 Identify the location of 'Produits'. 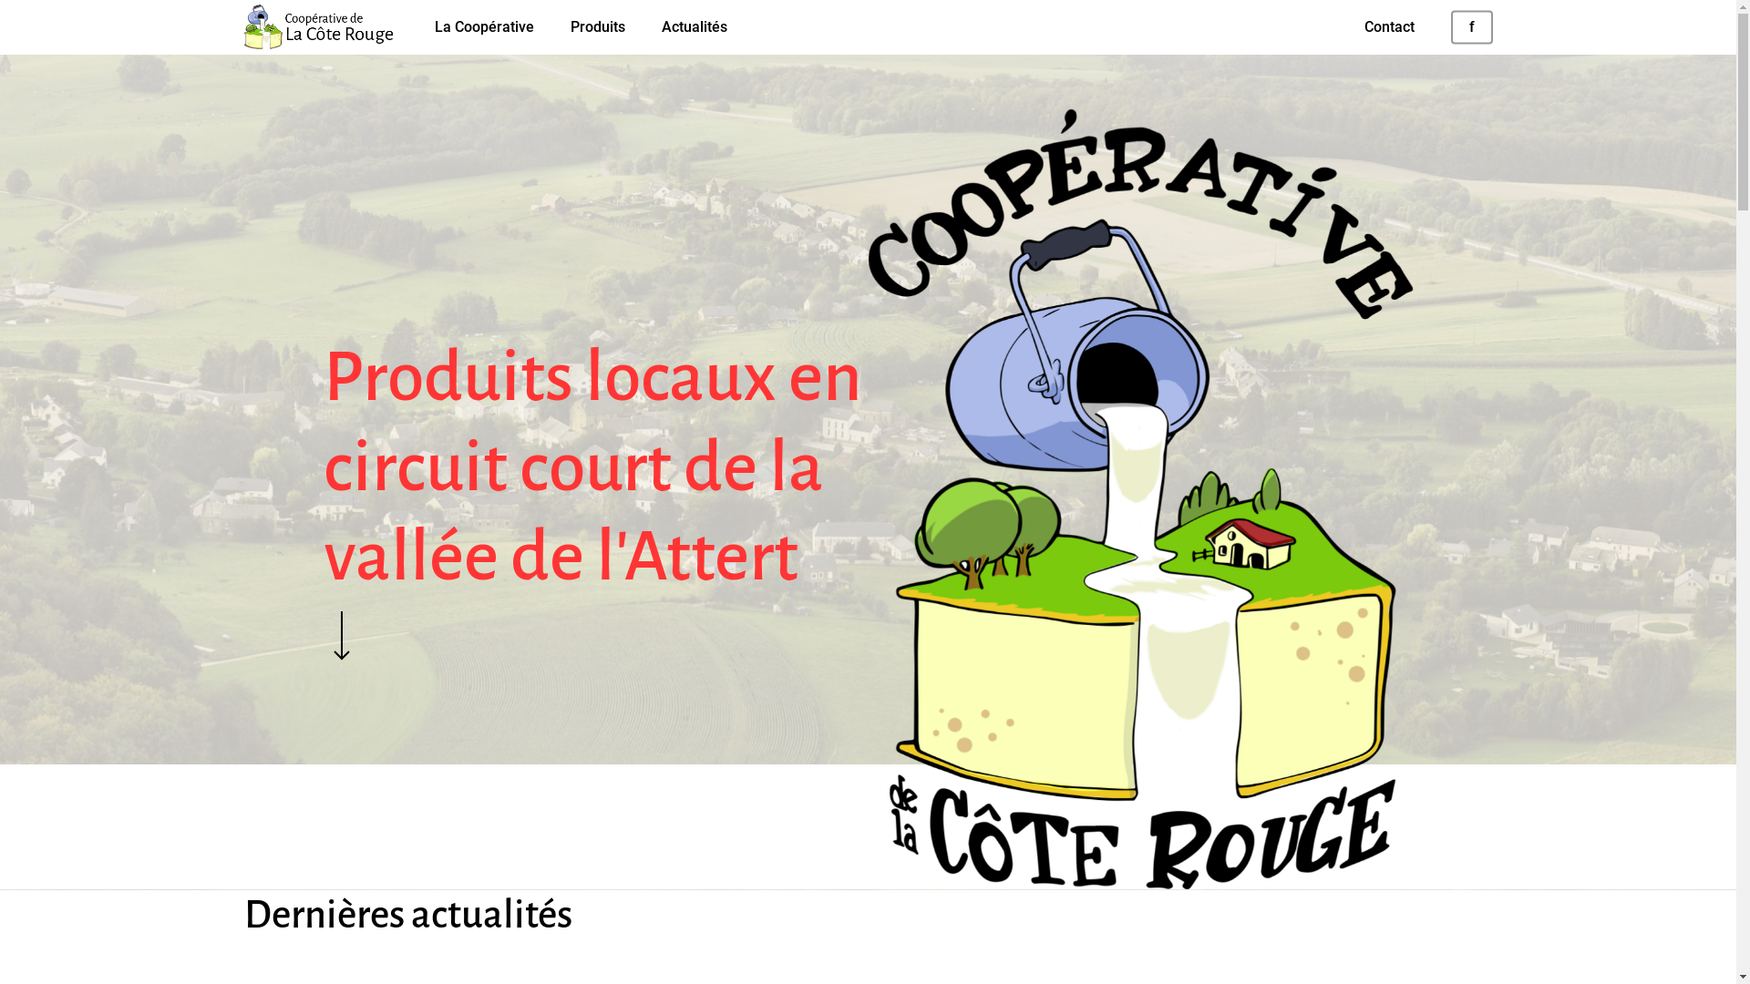
(598, 27).